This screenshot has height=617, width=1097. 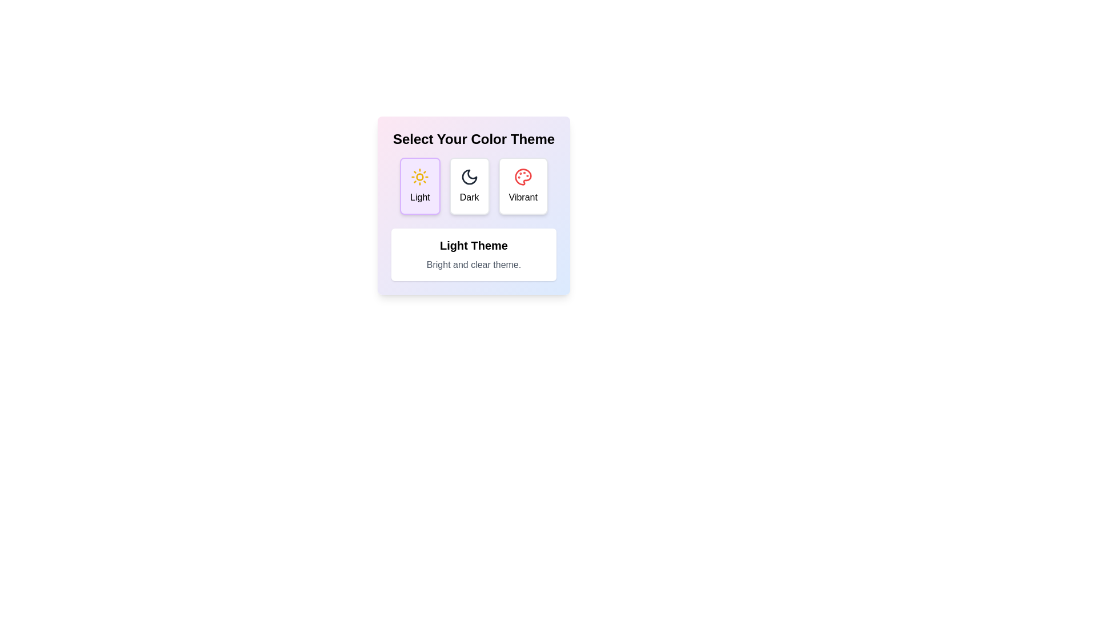 I want to click on the Informational Text Box with the title 'Light Theme' and subtitle 'Bright and clear theme.', so click(x=474, y=254).